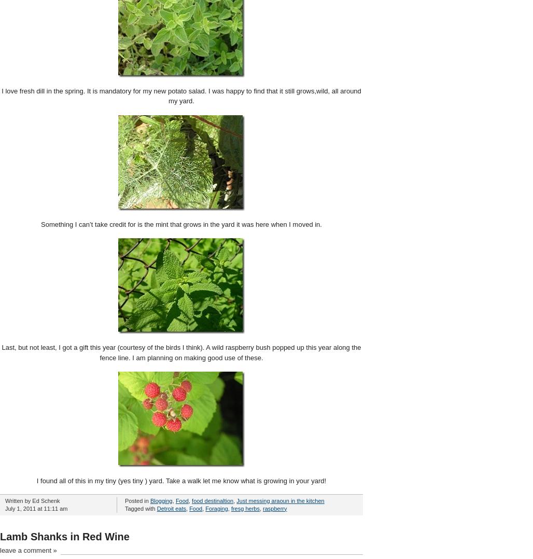 Image resolution: width=533 pixels, height=559 pixels. Describe the element at coordinates (32, 500) in the screenshot. I see `'Written by Ed Schenk'` at that location.